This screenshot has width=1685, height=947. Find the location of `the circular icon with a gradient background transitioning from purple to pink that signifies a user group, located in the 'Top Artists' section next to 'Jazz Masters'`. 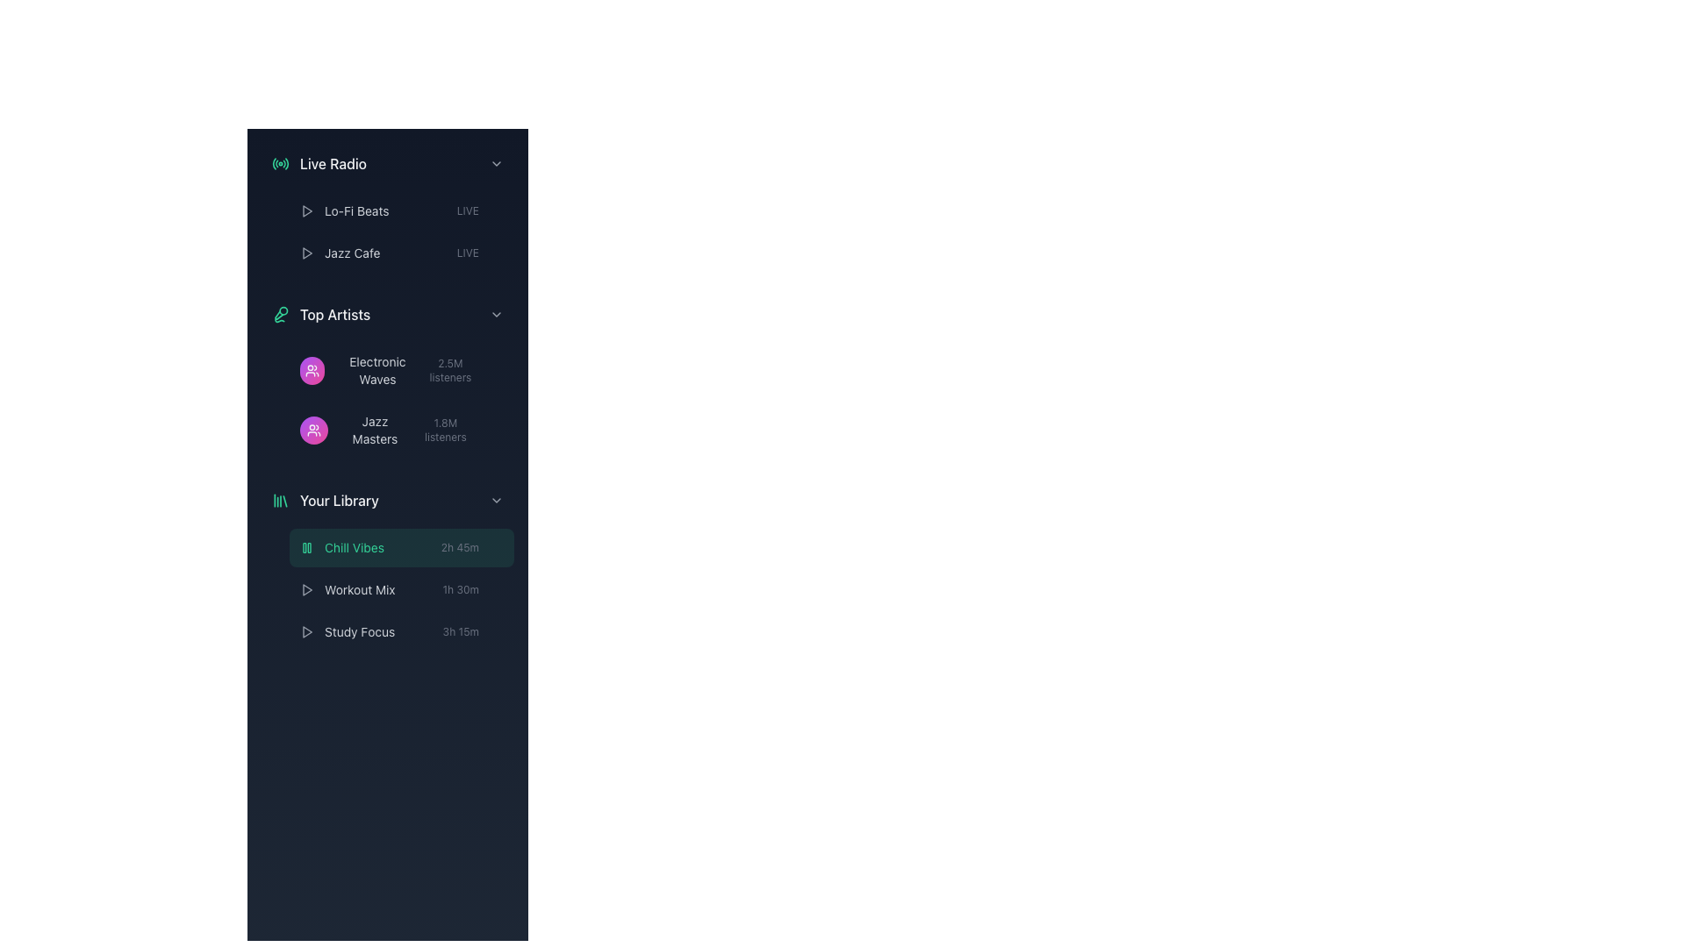

the circular icon with a gradient background transitioning from purple to pink that signifies a user group, located in the 'Top Artists' section next to 'Jazz Masters' is located at coordinates (313, 430).